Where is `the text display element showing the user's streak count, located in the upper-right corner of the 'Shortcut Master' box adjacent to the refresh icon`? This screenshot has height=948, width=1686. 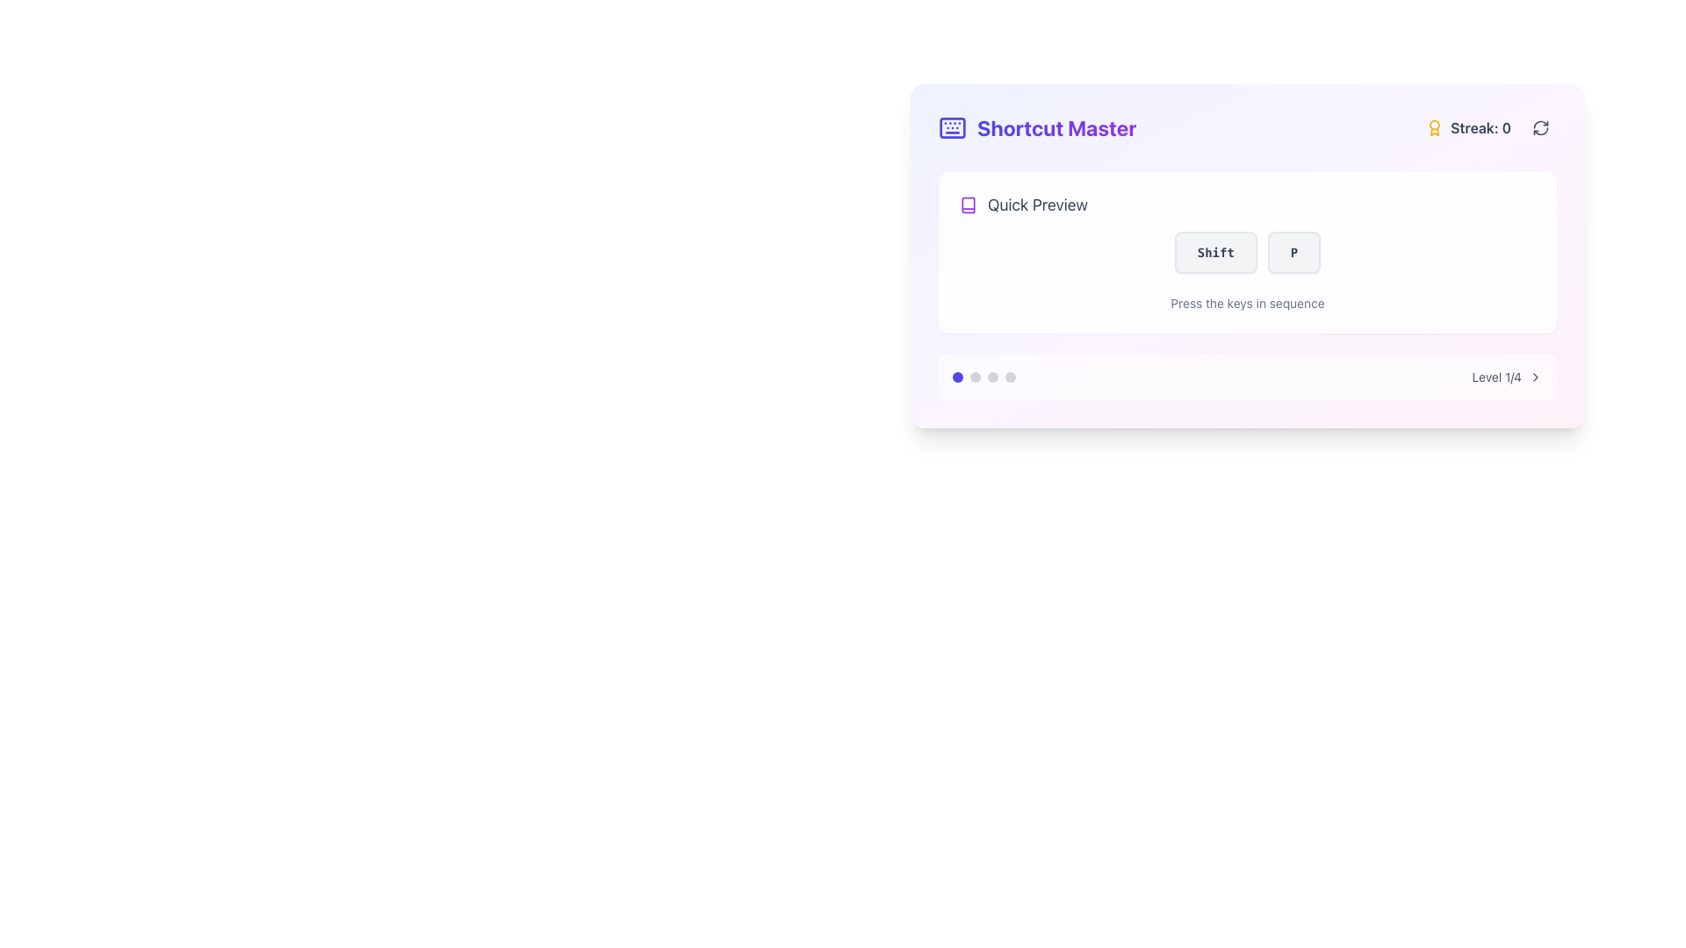 the text display element showing the user's streak count, located in the upper-right corner of the 'Shortcut Master' box adjacent to the refresh icon is located at coordinates (1490, 127).